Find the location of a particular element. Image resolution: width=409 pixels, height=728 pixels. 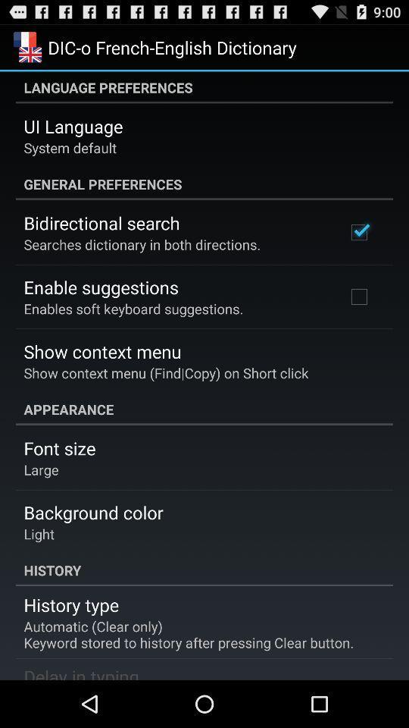

the app below bidirectional search icon is located at coordinates (142, 244).